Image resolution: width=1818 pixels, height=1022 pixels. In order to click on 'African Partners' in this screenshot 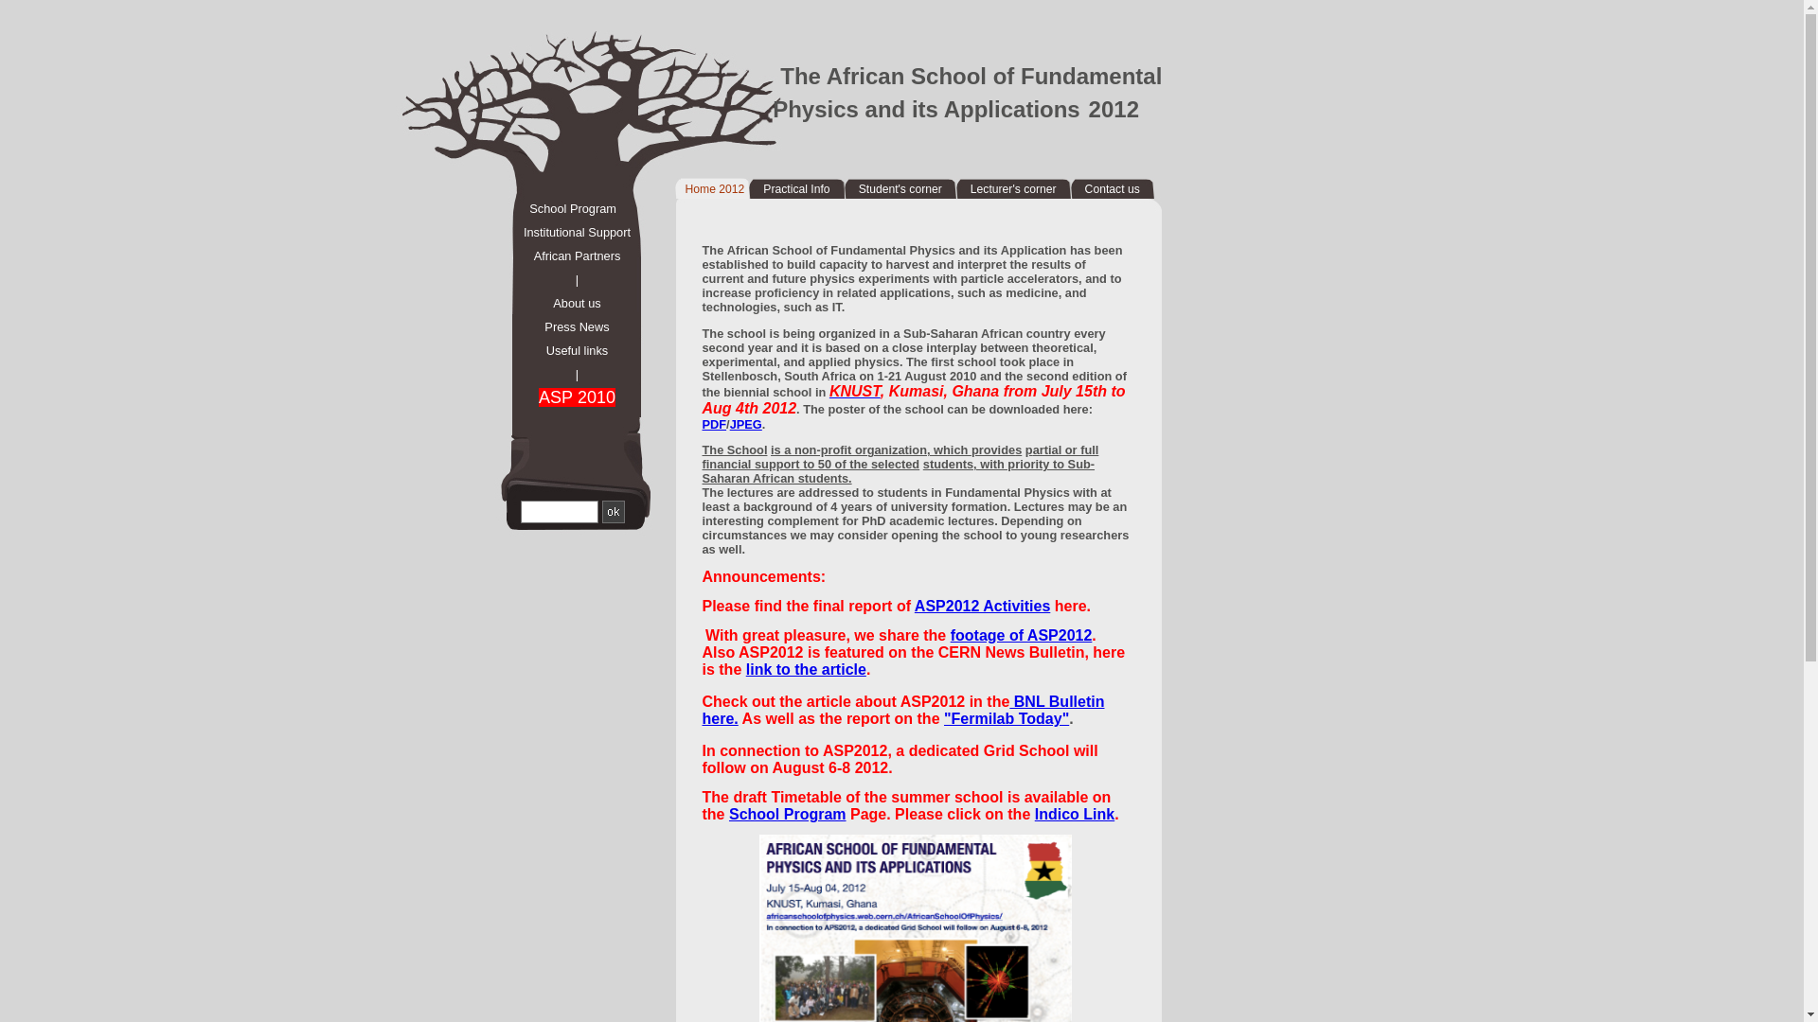, I will do `click(566, 255)`.